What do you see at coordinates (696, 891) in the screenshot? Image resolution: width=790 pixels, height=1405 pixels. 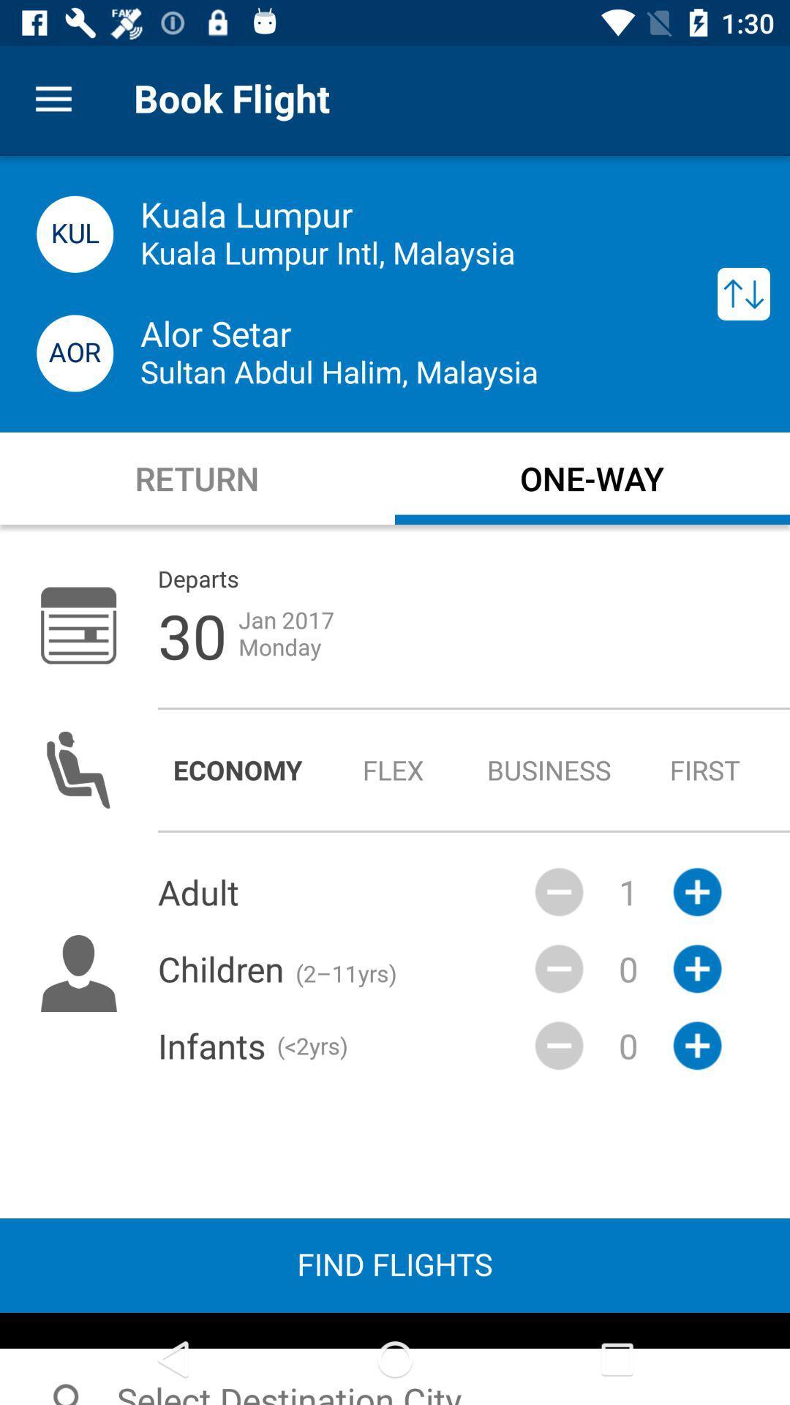 I see `the add icon` at bounding box center [696, 891].